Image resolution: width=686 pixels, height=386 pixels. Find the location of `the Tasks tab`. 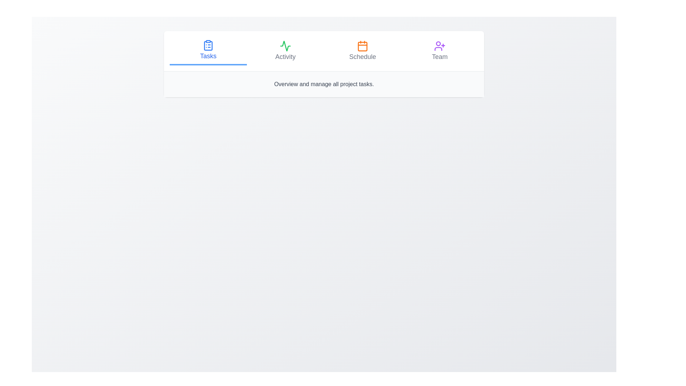

the Tasks tab is located at coordinates (208, 50).